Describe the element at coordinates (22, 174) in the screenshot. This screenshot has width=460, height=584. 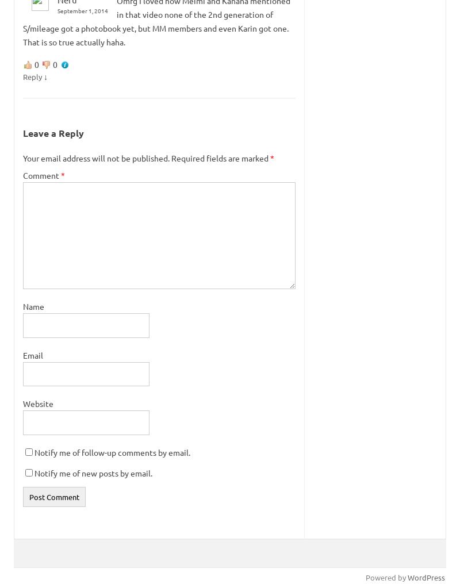
I see `'Comment'` at that location.